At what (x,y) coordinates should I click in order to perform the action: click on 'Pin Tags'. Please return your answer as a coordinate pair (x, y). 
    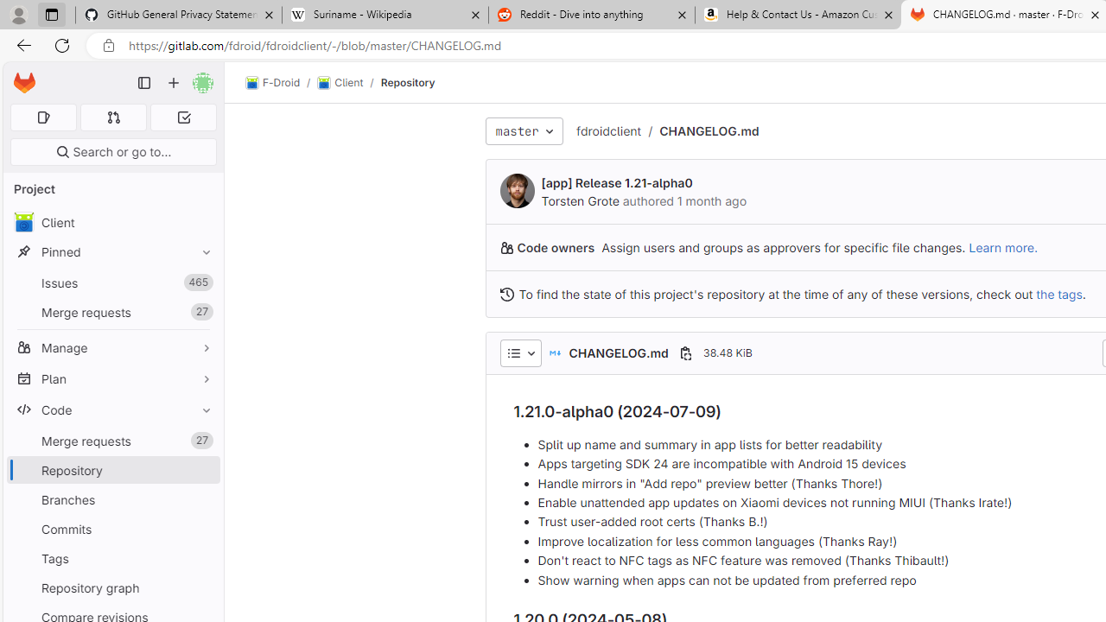
    Looking at the image, I should click on (202, 558).